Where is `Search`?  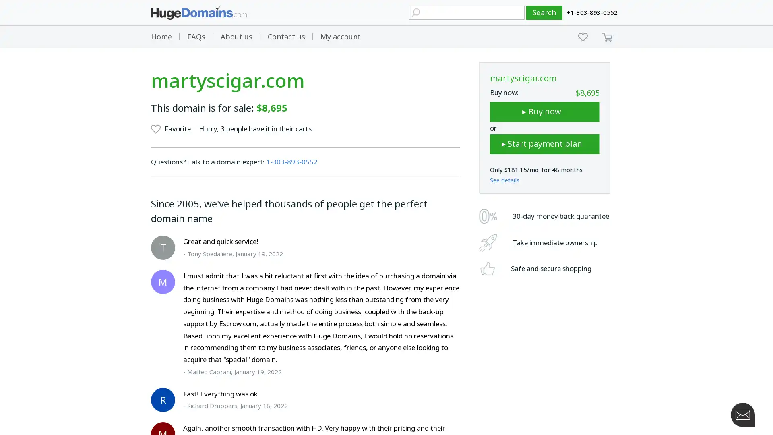 Search is located at coordinates (544, 12).